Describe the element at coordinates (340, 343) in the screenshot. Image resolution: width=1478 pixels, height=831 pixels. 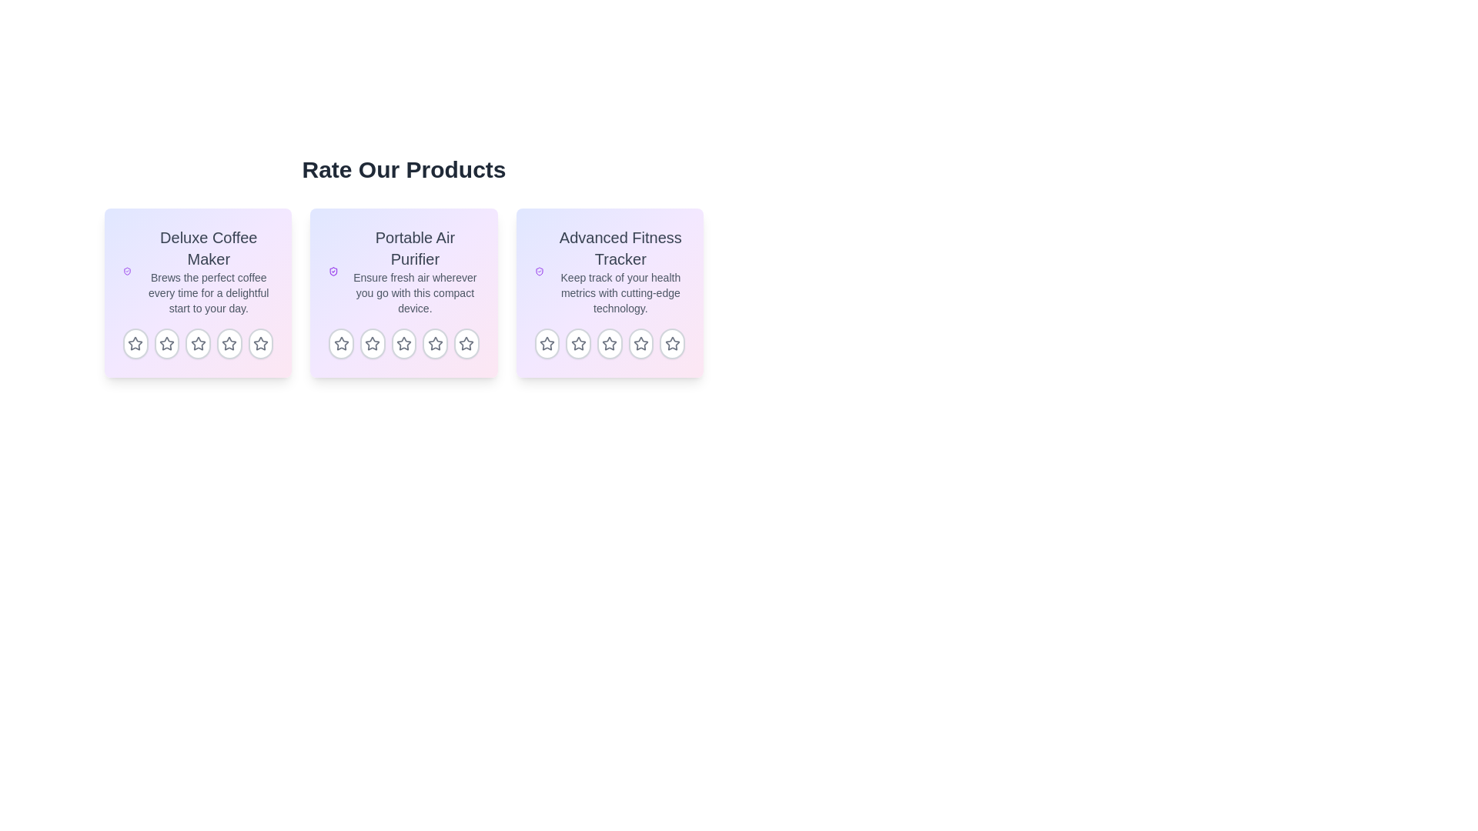
I see `the first circular star button with a white background and gray border, located beneath the subtitle 'Portable Air Purifier' in the product rating section for visual feedback` at that location.